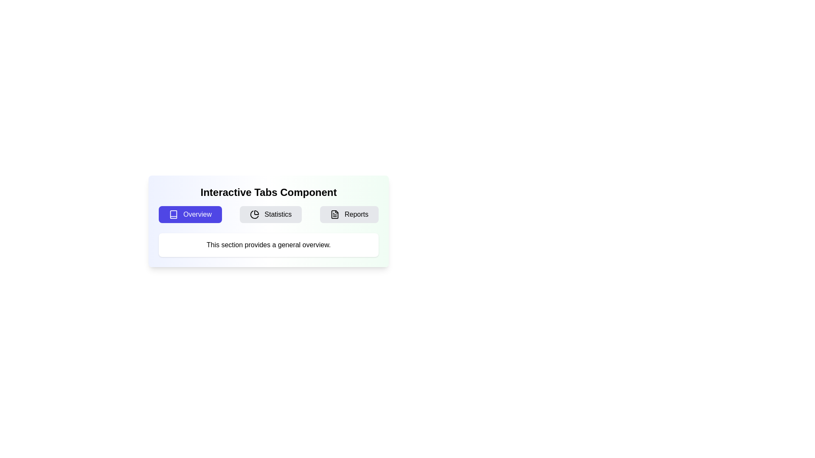 This screenshot has width=815, height=458. Describe the element at coordinates (349, 214) in the screenshot. I see `the 'Reports' button, which is the third button in a row of three` at that location.